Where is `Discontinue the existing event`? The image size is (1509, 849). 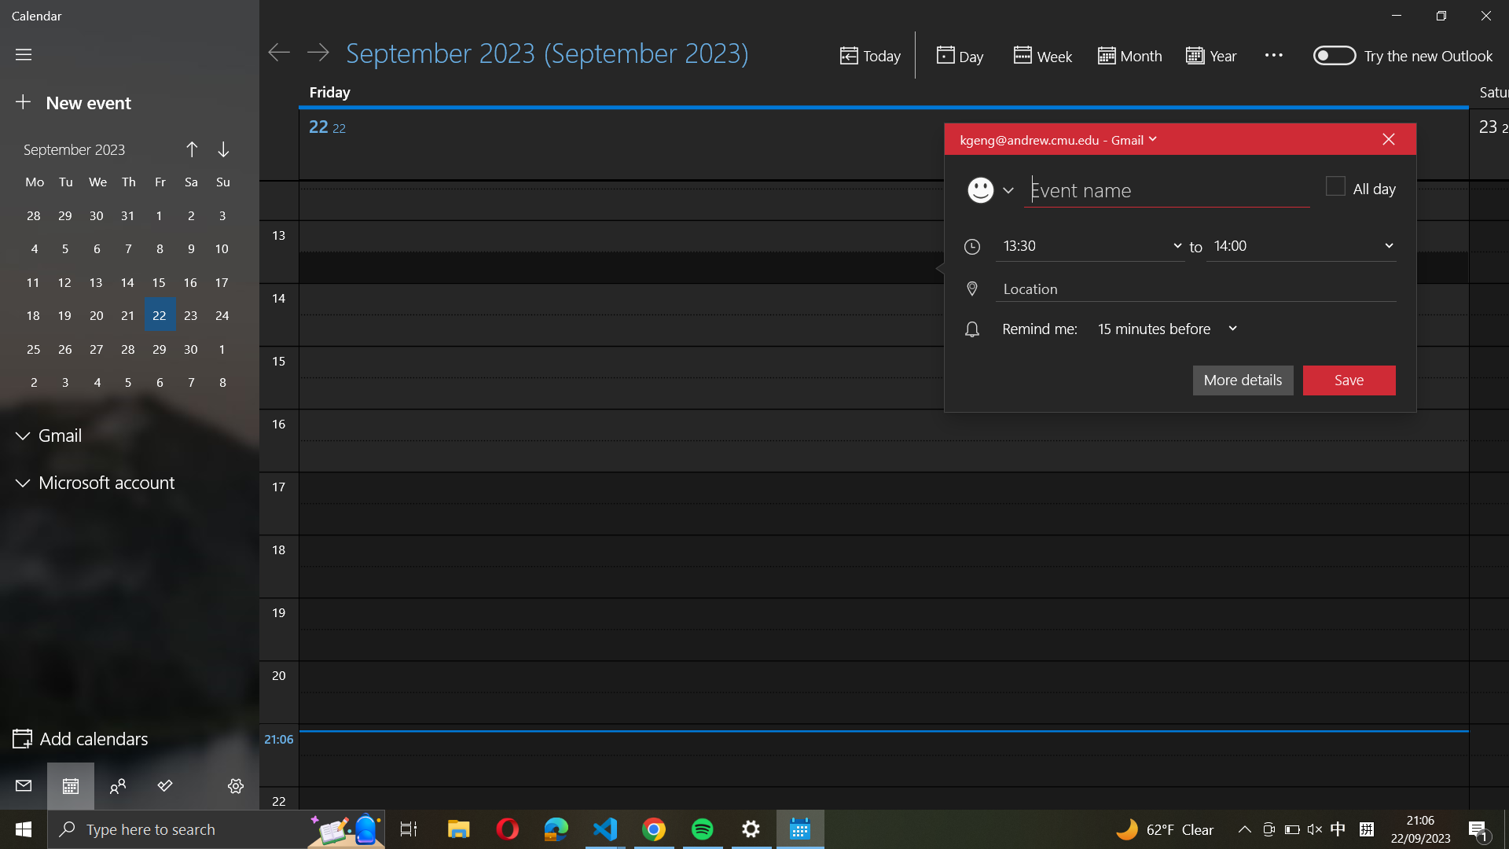
Discontinue the existing event is located at coordinates (1388, 138).